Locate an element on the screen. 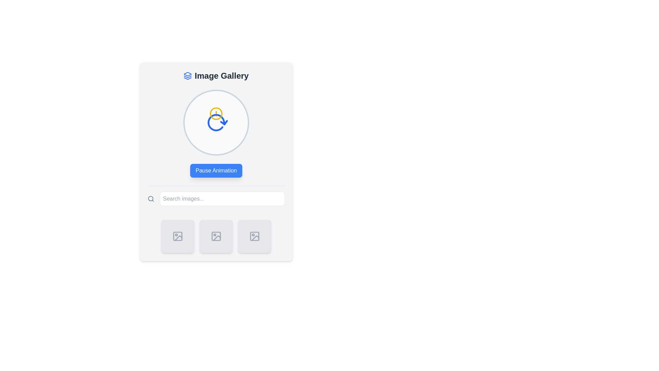 The height and width of the screenshot is (371, 659). the first button in the horizontal row of three identical square buttons located below the search bar is located at coordinates (178, 236).